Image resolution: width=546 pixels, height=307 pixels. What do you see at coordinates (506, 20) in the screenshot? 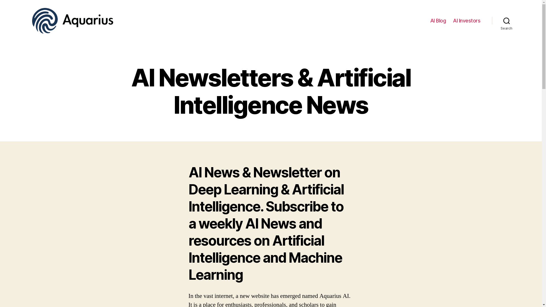
I see `'Search'` at bounding box center [506, 20].